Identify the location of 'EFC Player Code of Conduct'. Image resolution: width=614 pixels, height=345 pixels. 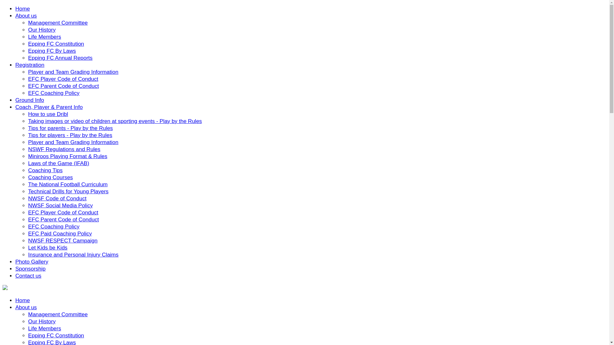
(63, 212).